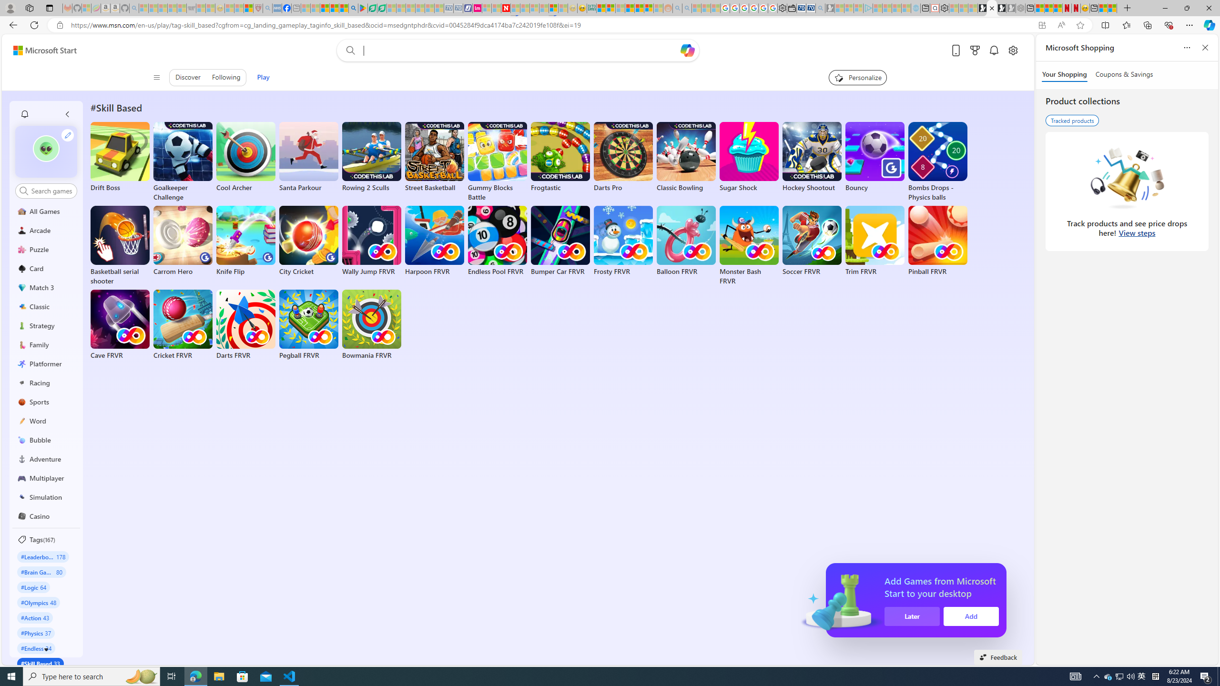  What do you see at coordinates (35, 633) in the screenshot?
I see `'#Physics 37'` at bounding box center [35, 633].